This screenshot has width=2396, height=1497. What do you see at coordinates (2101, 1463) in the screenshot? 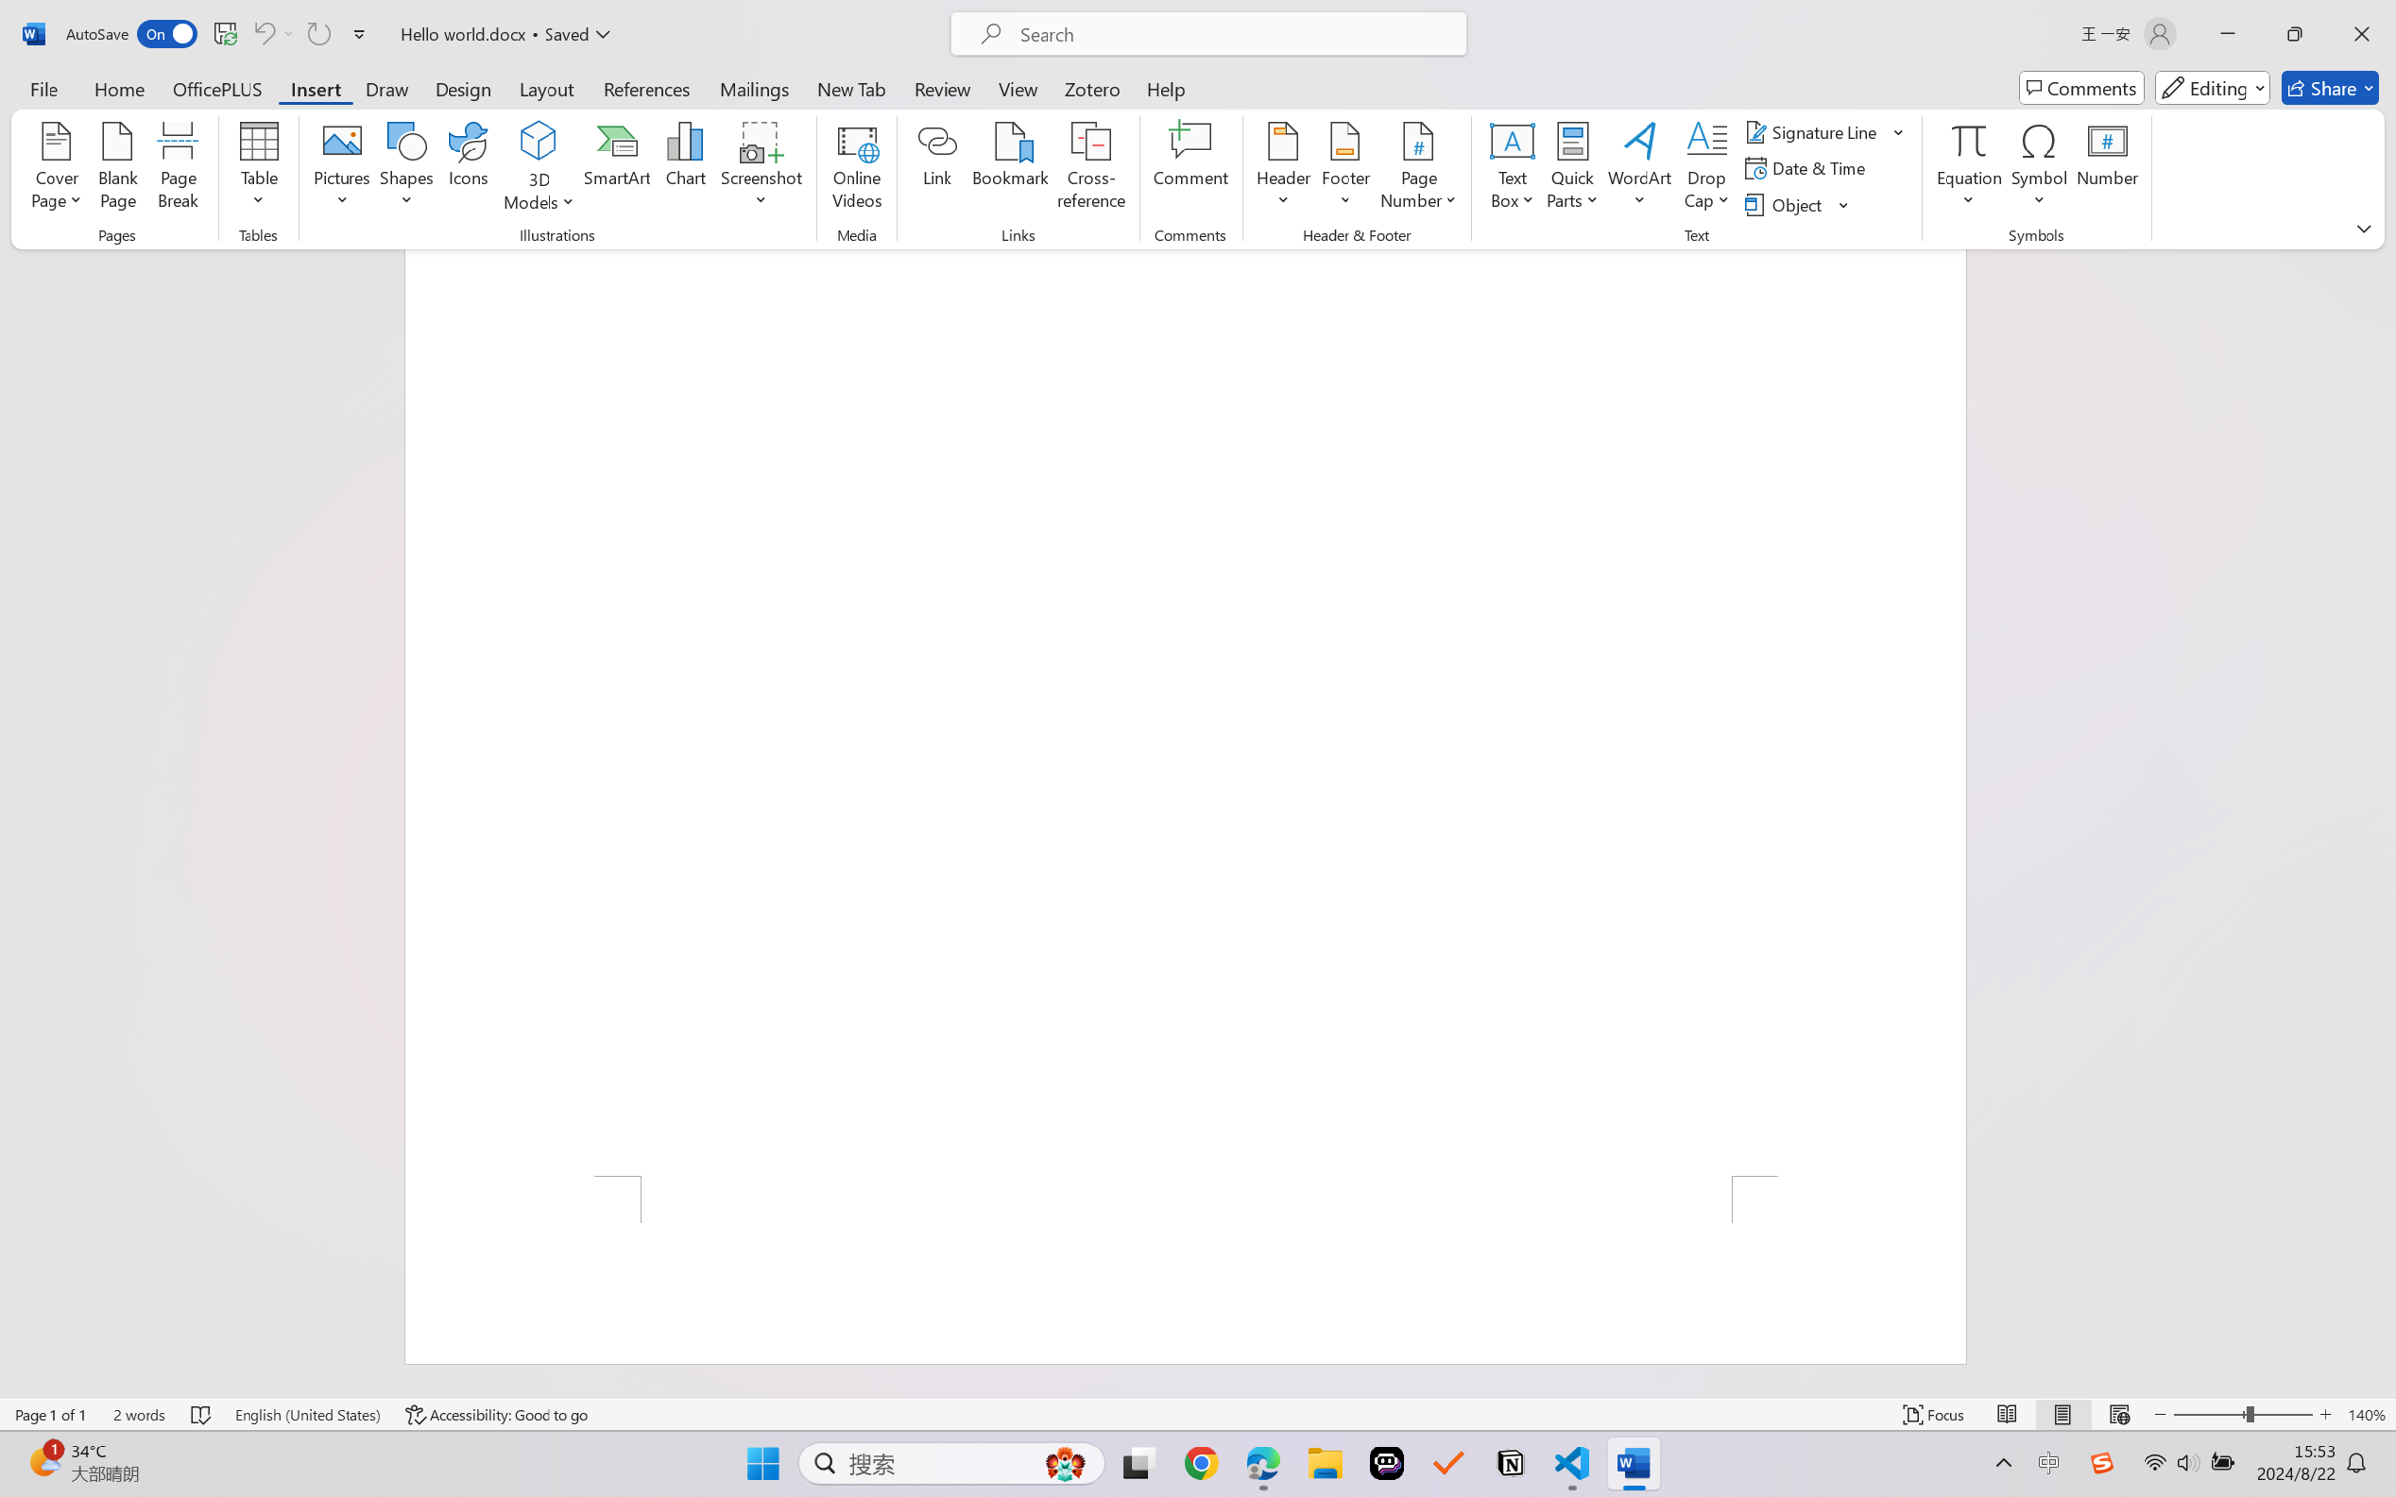
I see `'Class: Image'` at bounding box center [2101, 1463].